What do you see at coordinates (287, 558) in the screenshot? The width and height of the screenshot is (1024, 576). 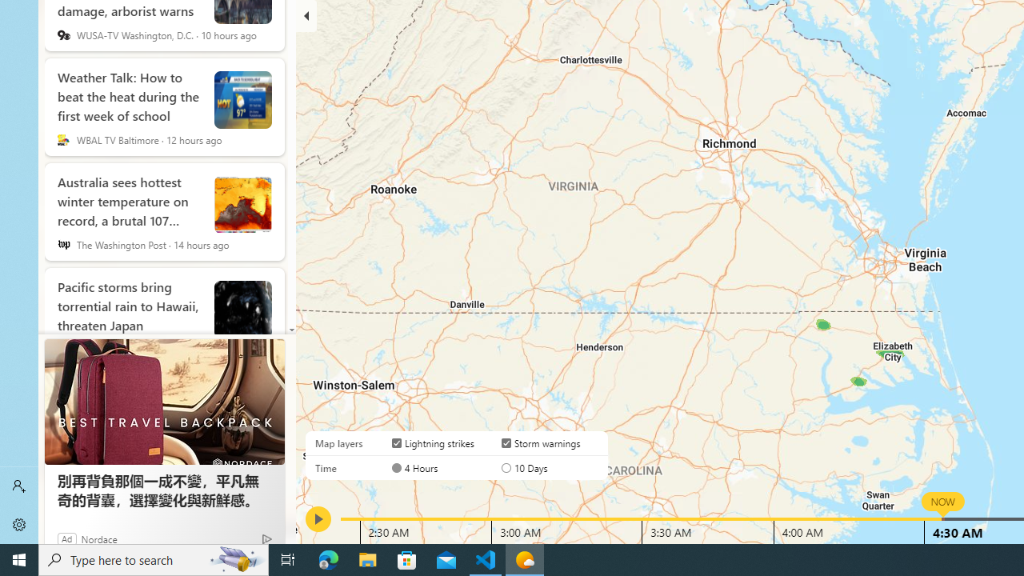 I see `'Task View'` at bounding box center [287, 558].